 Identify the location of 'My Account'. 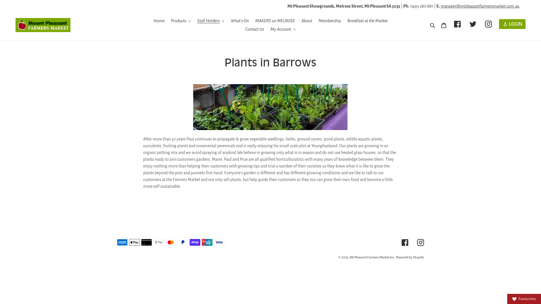
(267, 29).